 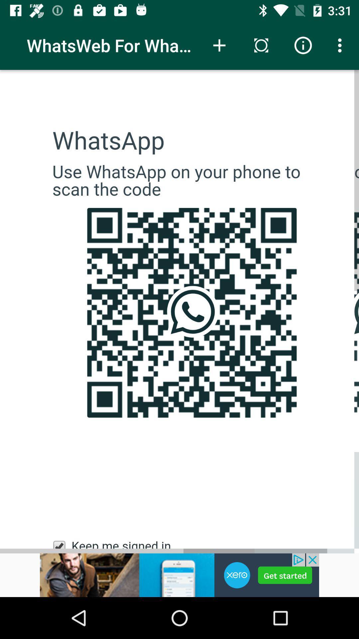 What do you see at coordinates (179, 575) in the screenshot?
I see `advertisement we close it or view it` at bounding box center [179, 575].